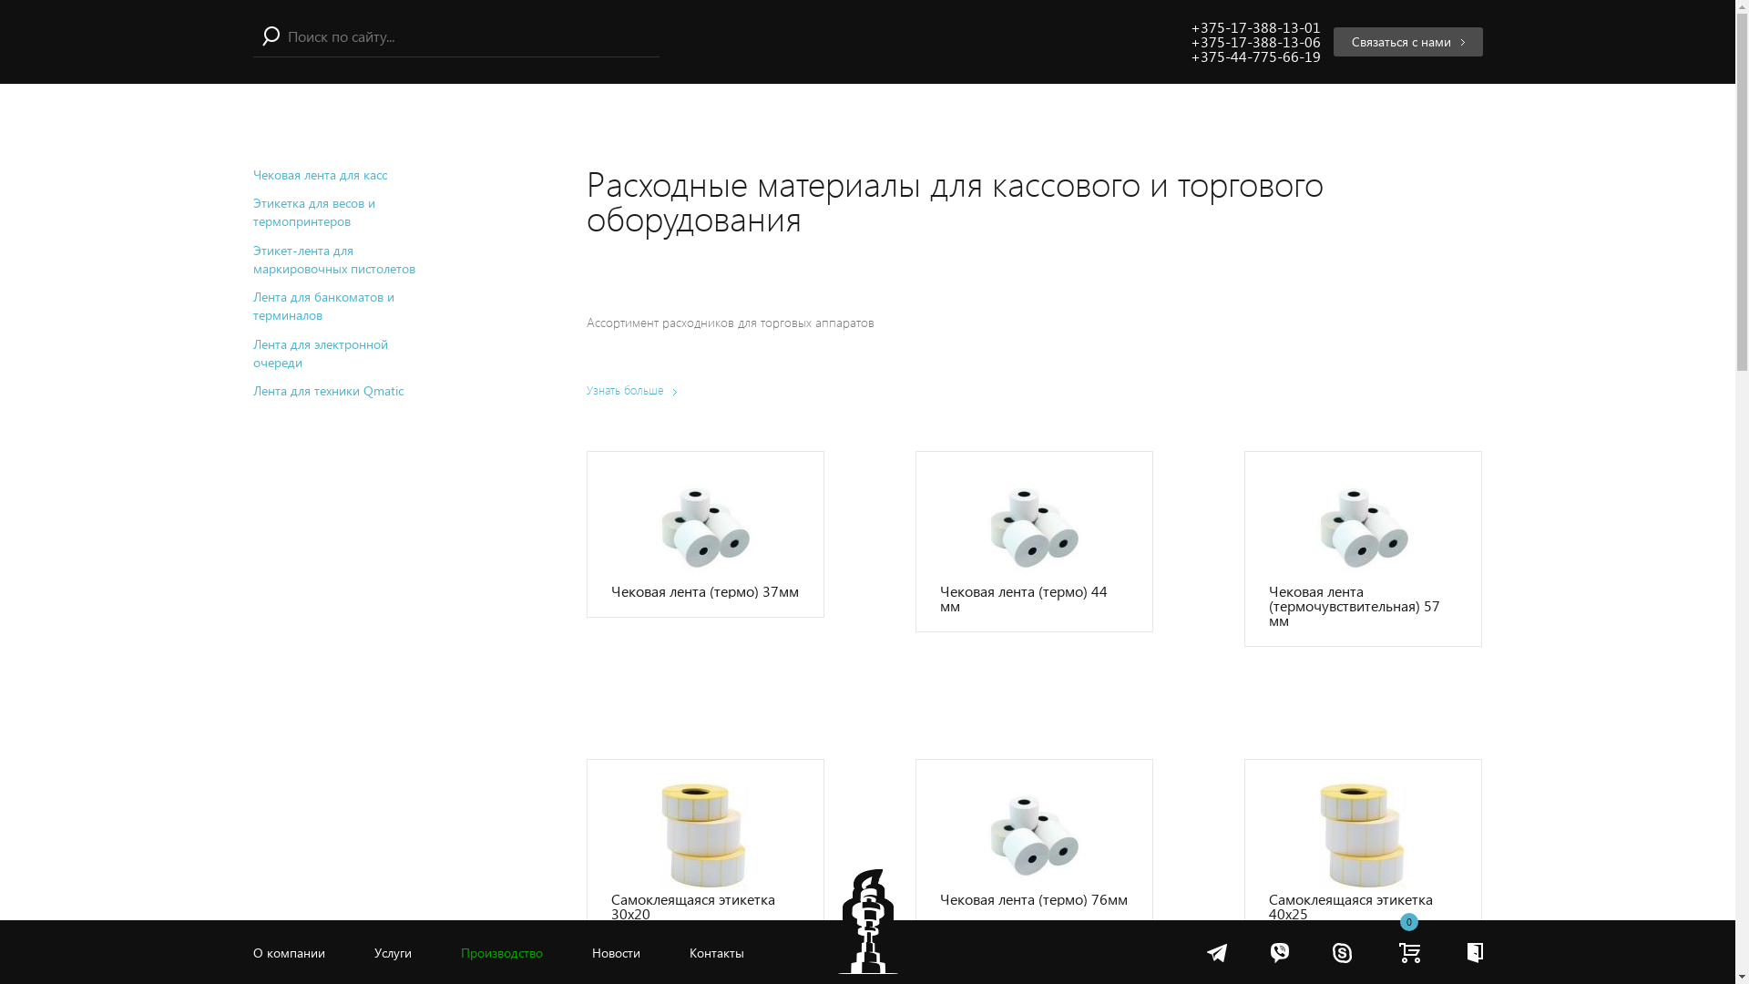 The height and width of the screenshot is (984, 1749). Describe the element at coordinates (1408, 951) in the screenshot. I see `'0'` at that location.